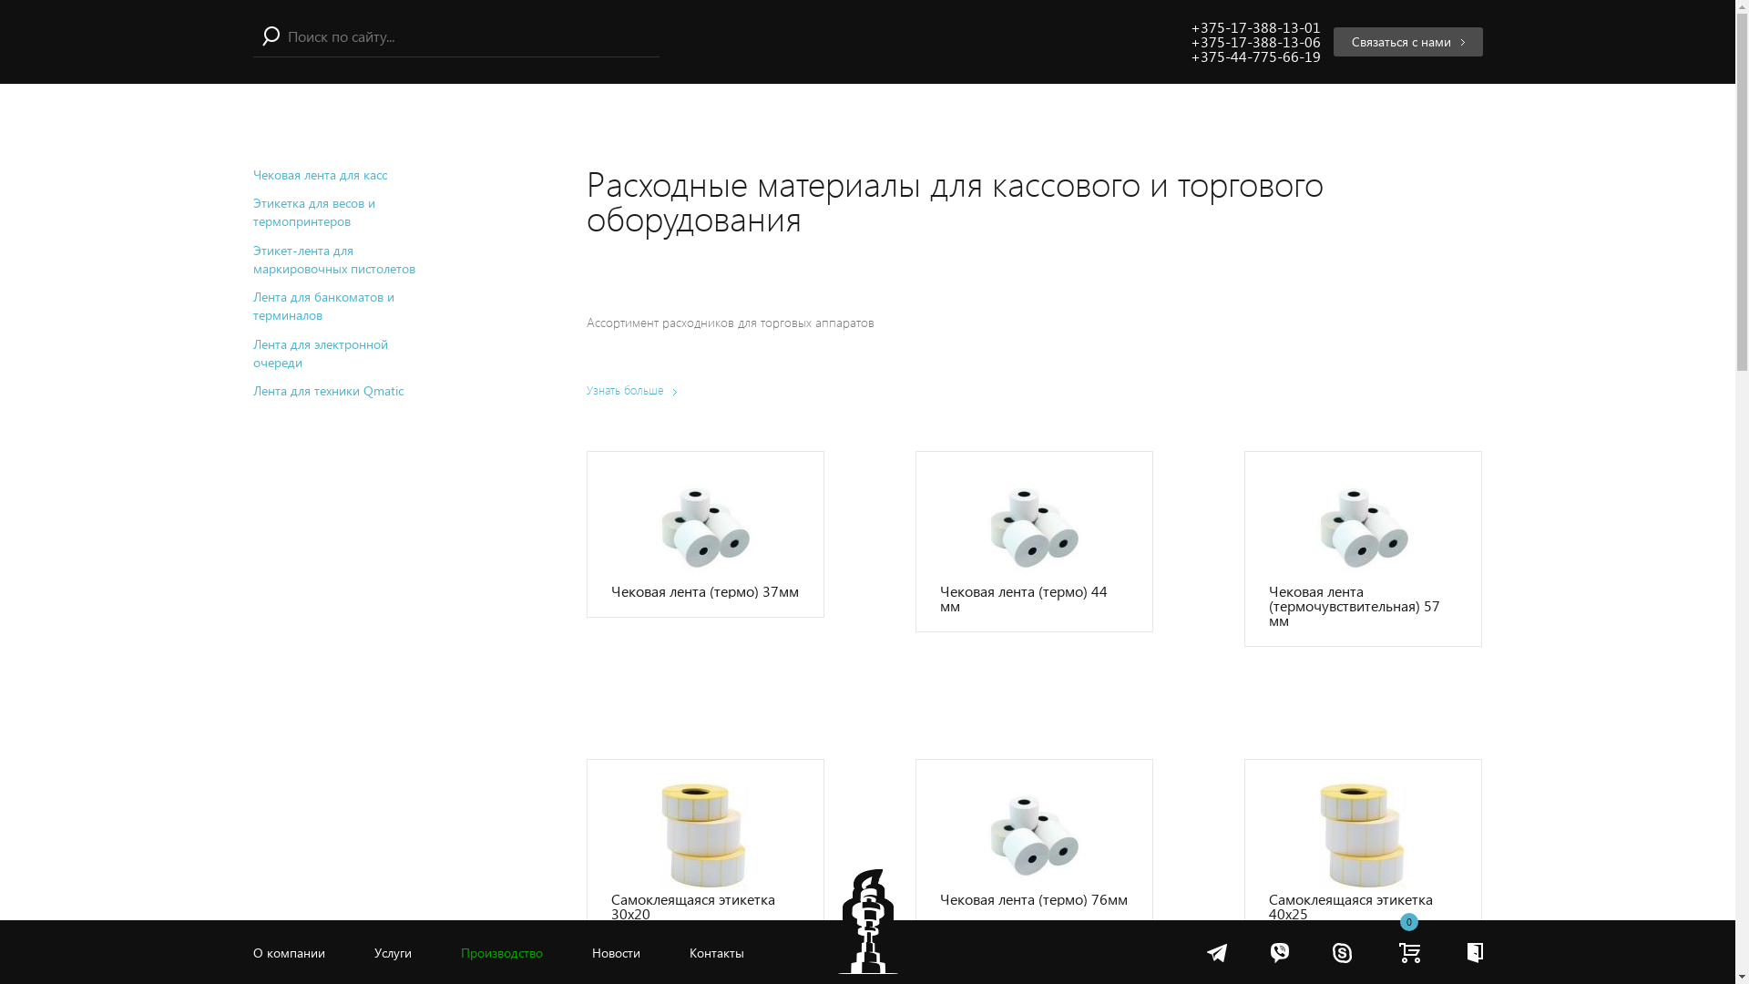 The height and width of the screenshot is (984, 1749). Describe the element at coordinates (1408, 951) in the screenshot. I see `'0'` at that location.